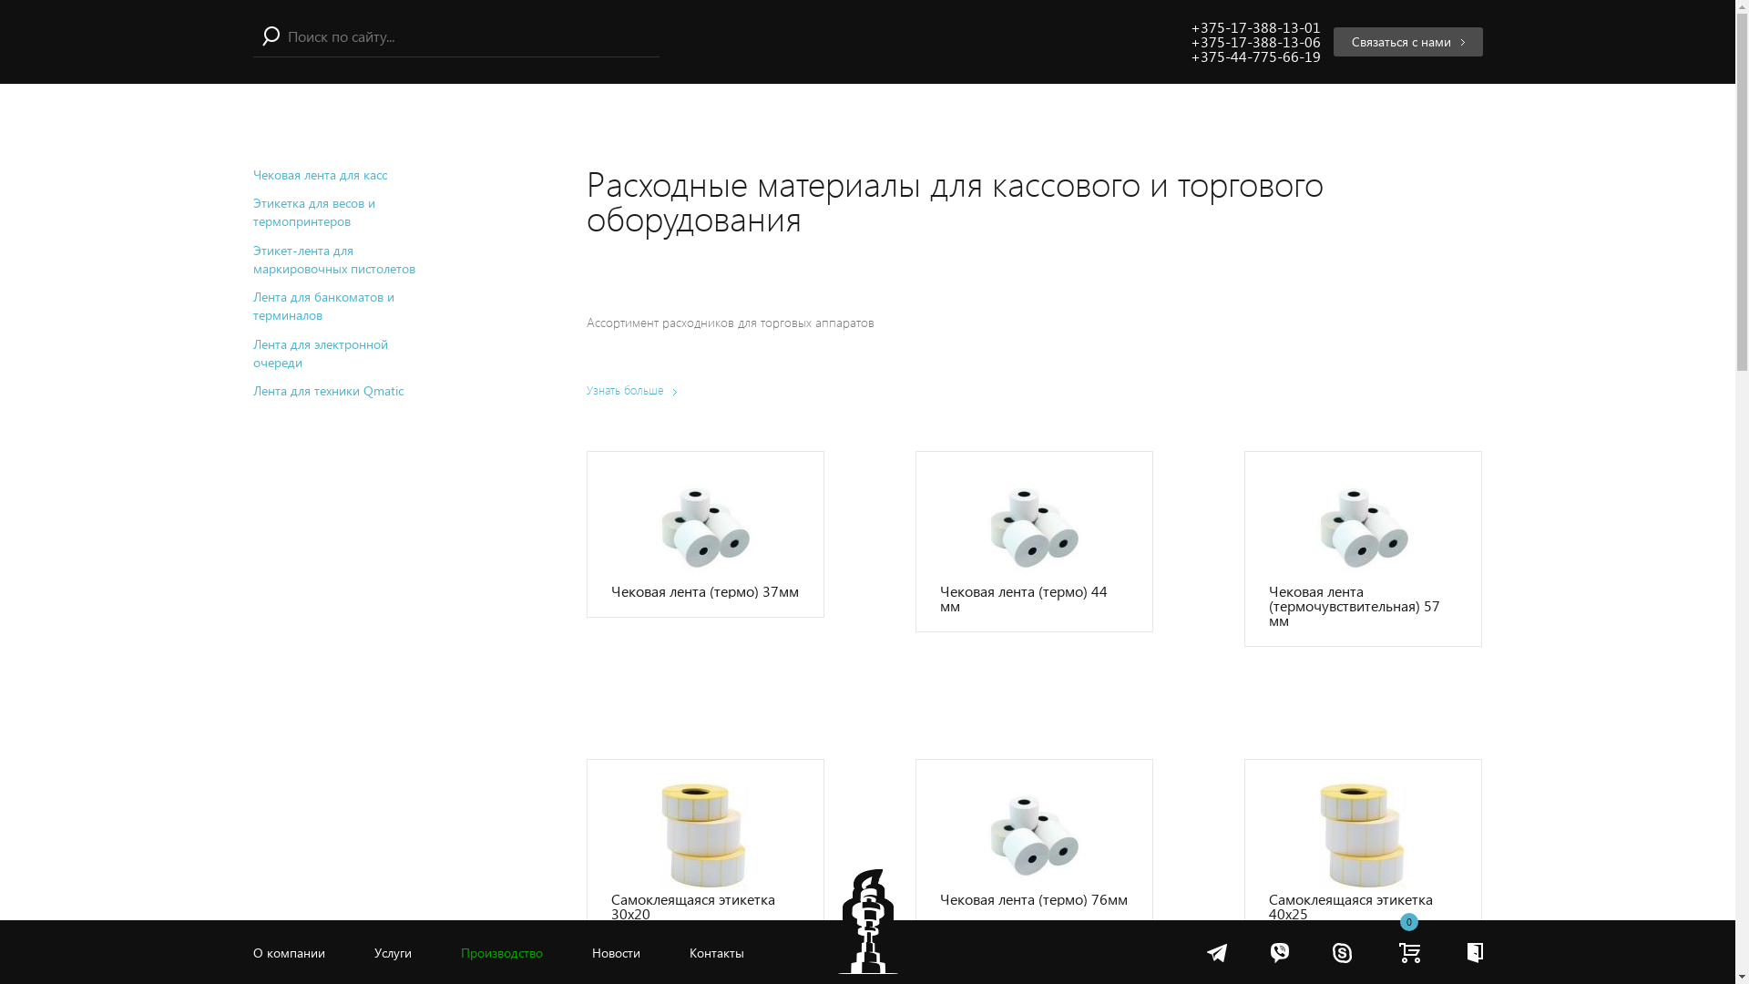 The height and width of the screenshot is (984, 1749). Describe the element at coordinates (1408, 951) in the screenshot. I see `'0'` at that location.